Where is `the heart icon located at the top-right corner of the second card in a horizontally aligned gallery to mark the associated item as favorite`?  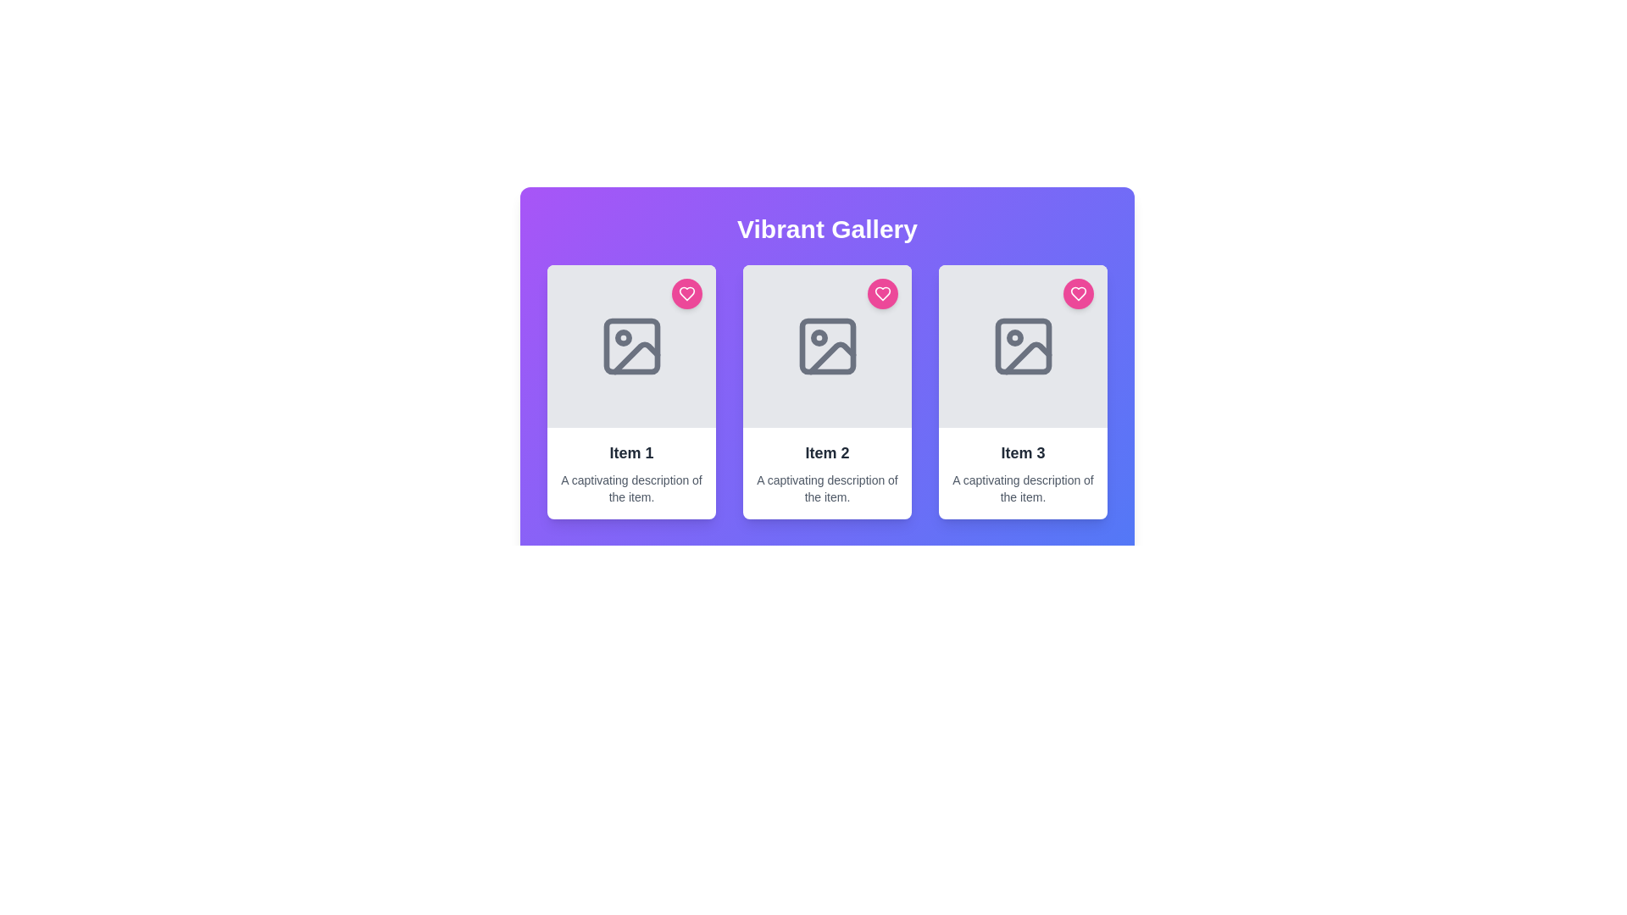
the heart icon located at the top-right corner of the second card in a horizontally aligned gallery to mark the associated item as favorite is located at coordinates (881, 293).